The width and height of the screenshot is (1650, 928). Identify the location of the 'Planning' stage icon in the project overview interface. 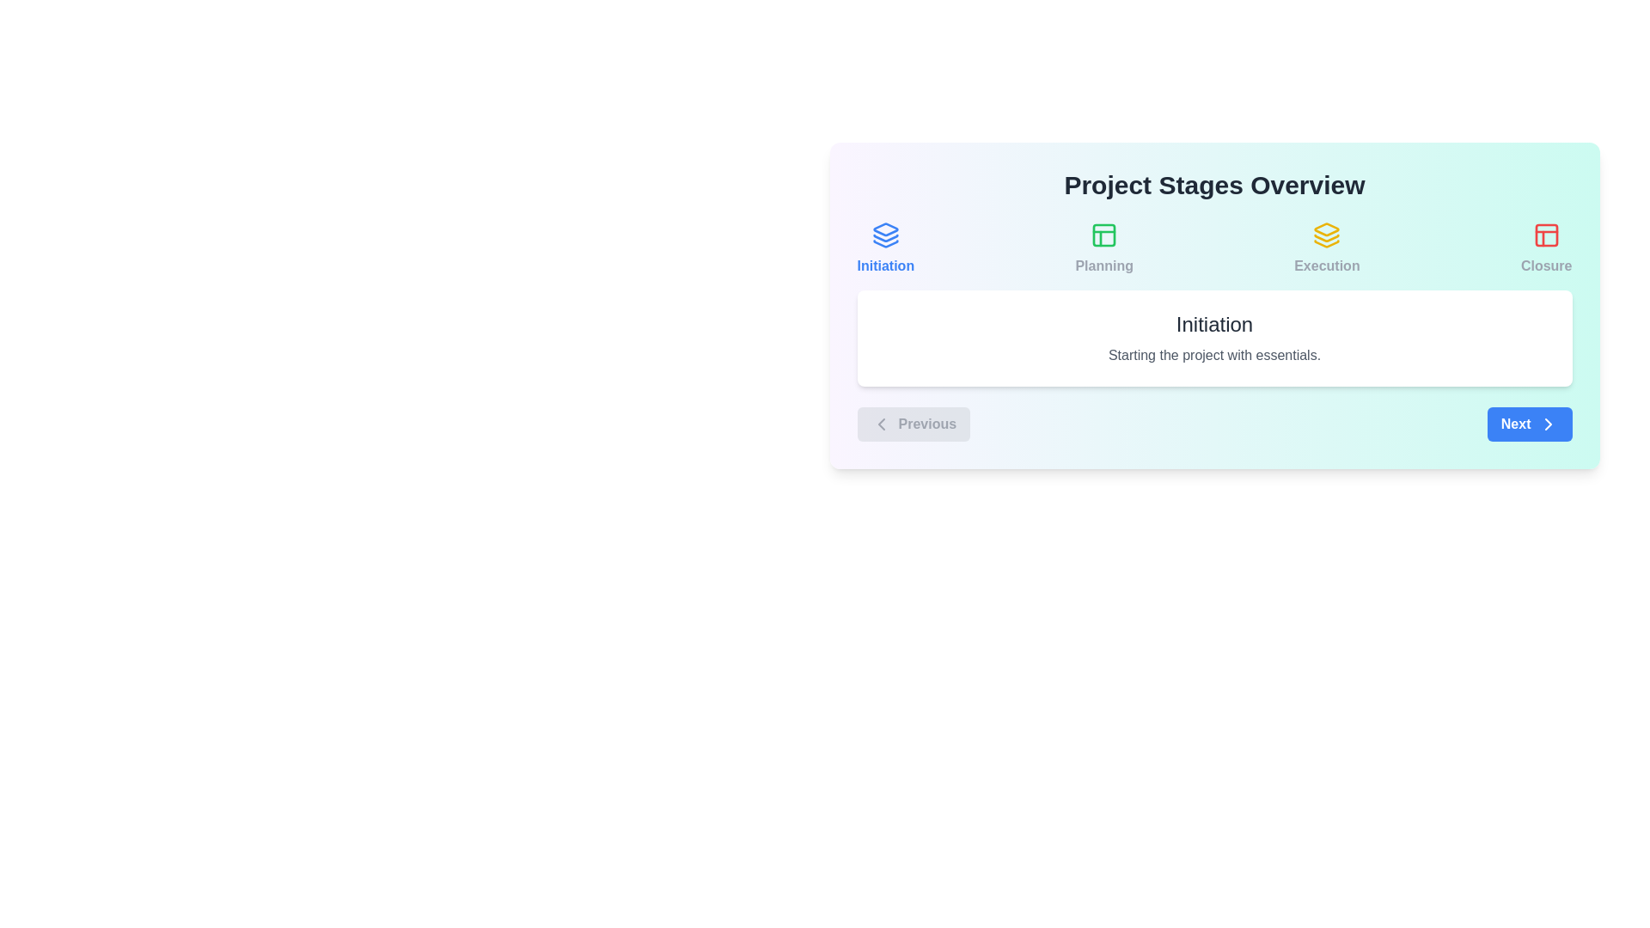
(1104, 235).